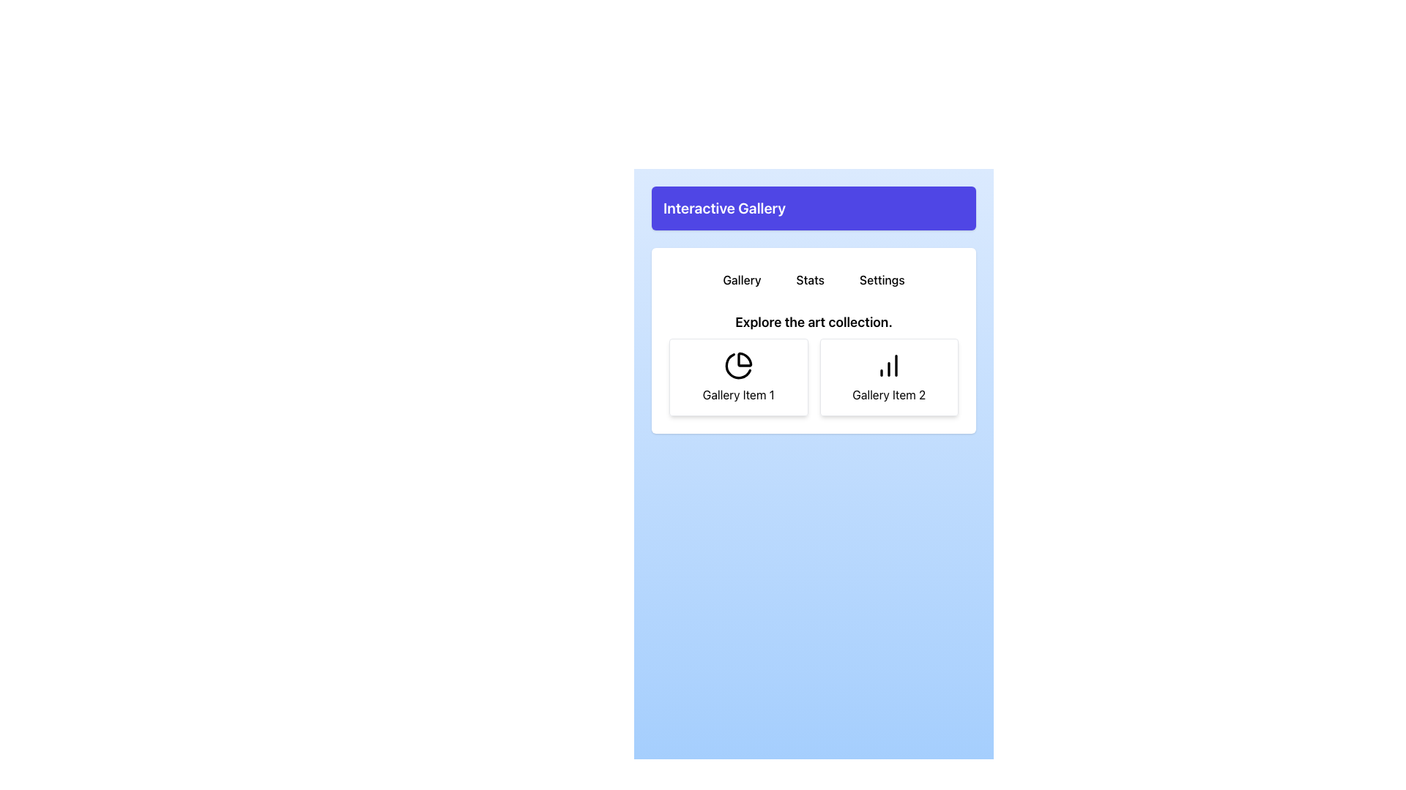 Image resolution: width=1406 pixels, height=790 pixels. What do you see at coordinates (881, 279) in the screenshot?
I see `the 'Settings' button, which is the third button in a horizontal row located below the 'Interactive Gallery' header, to trigger visual feedback` at bounding box center [881, 279].